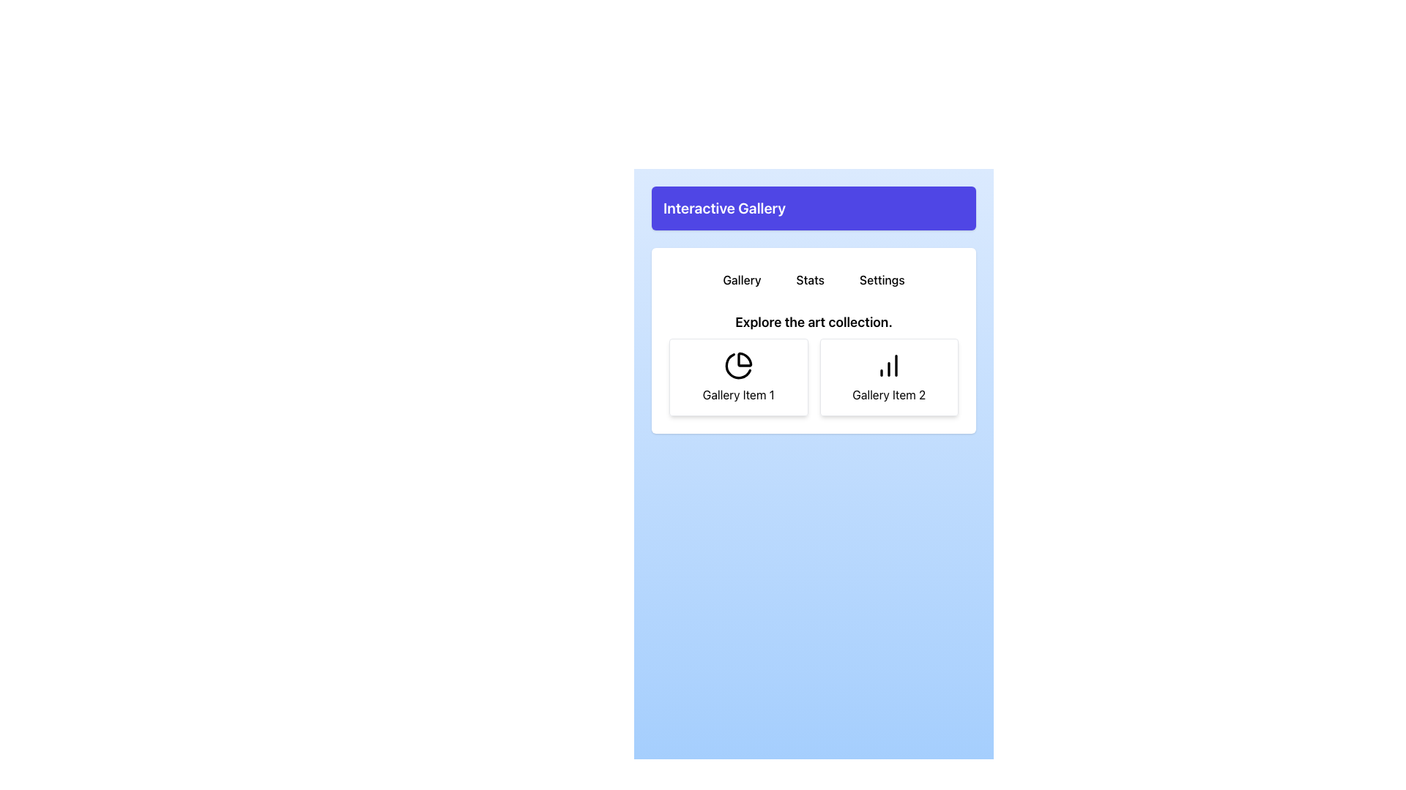 Image resolution: width=1406 pixels, height=790 pixels. What do you see at coordinates (881, 279) in the screenshot?
I see `the 'Settings' button, which is the third button in a horizontal row located below the 'Interactive Gallery' header, to trigger visual feedback` at bounding box center [881, 279].